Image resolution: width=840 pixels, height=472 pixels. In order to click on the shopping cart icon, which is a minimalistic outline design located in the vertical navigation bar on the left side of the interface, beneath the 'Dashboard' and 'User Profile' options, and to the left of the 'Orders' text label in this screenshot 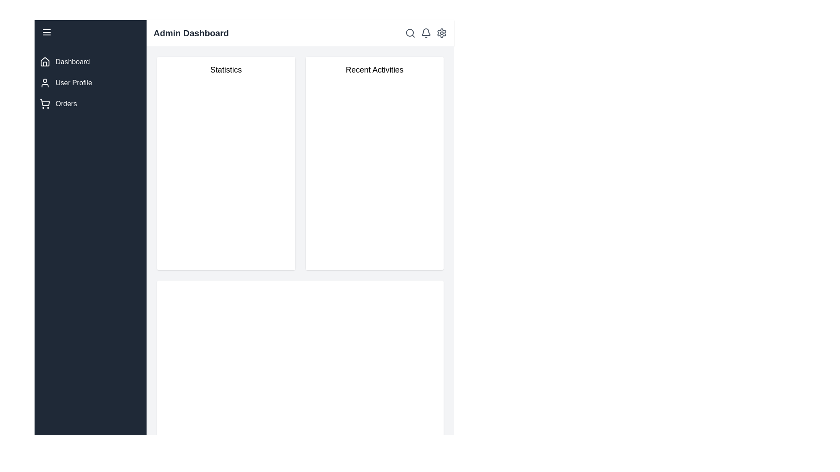, I will do `click(44, 104)`.